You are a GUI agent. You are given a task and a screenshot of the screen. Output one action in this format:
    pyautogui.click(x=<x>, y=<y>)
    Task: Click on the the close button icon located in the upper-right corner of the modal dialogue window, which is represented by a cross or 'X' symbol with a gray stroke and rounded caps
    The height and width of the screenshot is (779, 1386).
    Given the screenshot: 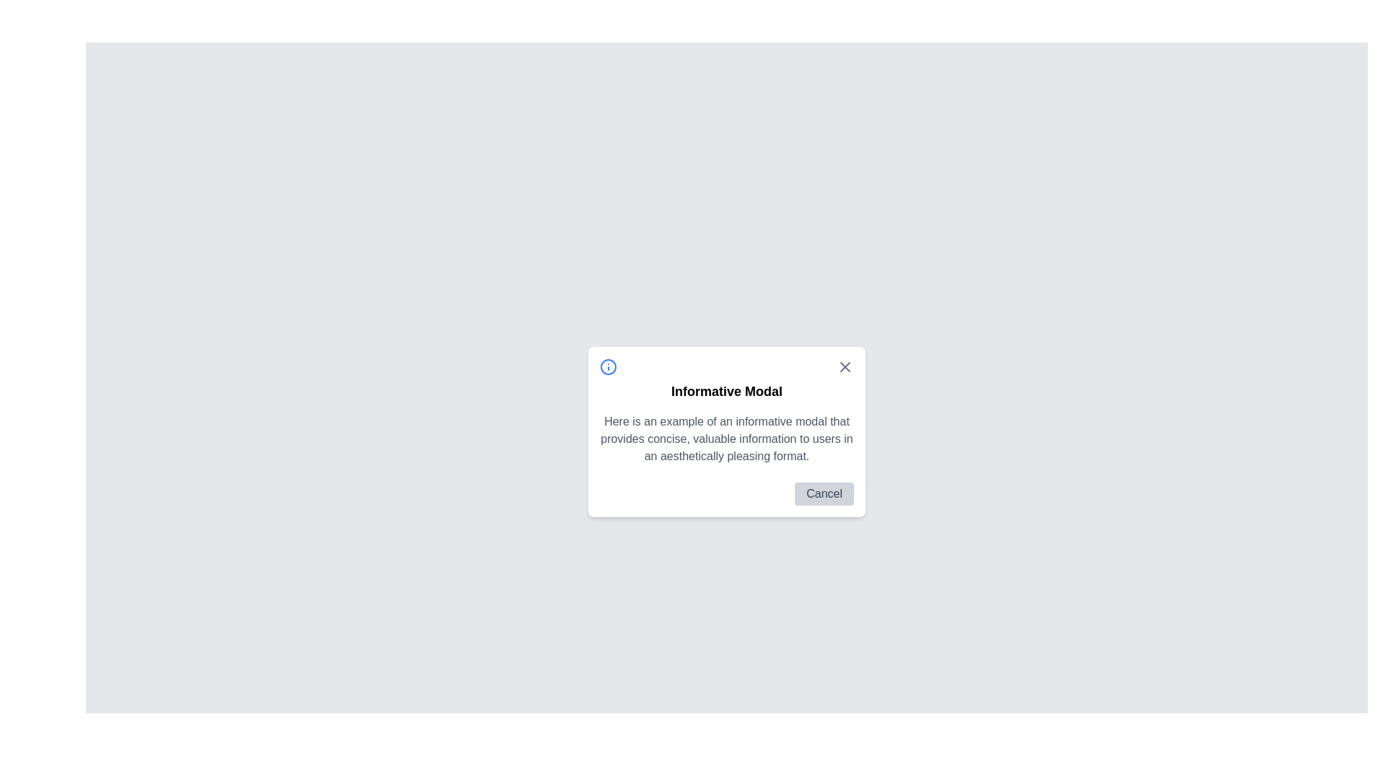 What is the action you would take?
    pyautogui.click(x=845, y=366)
    